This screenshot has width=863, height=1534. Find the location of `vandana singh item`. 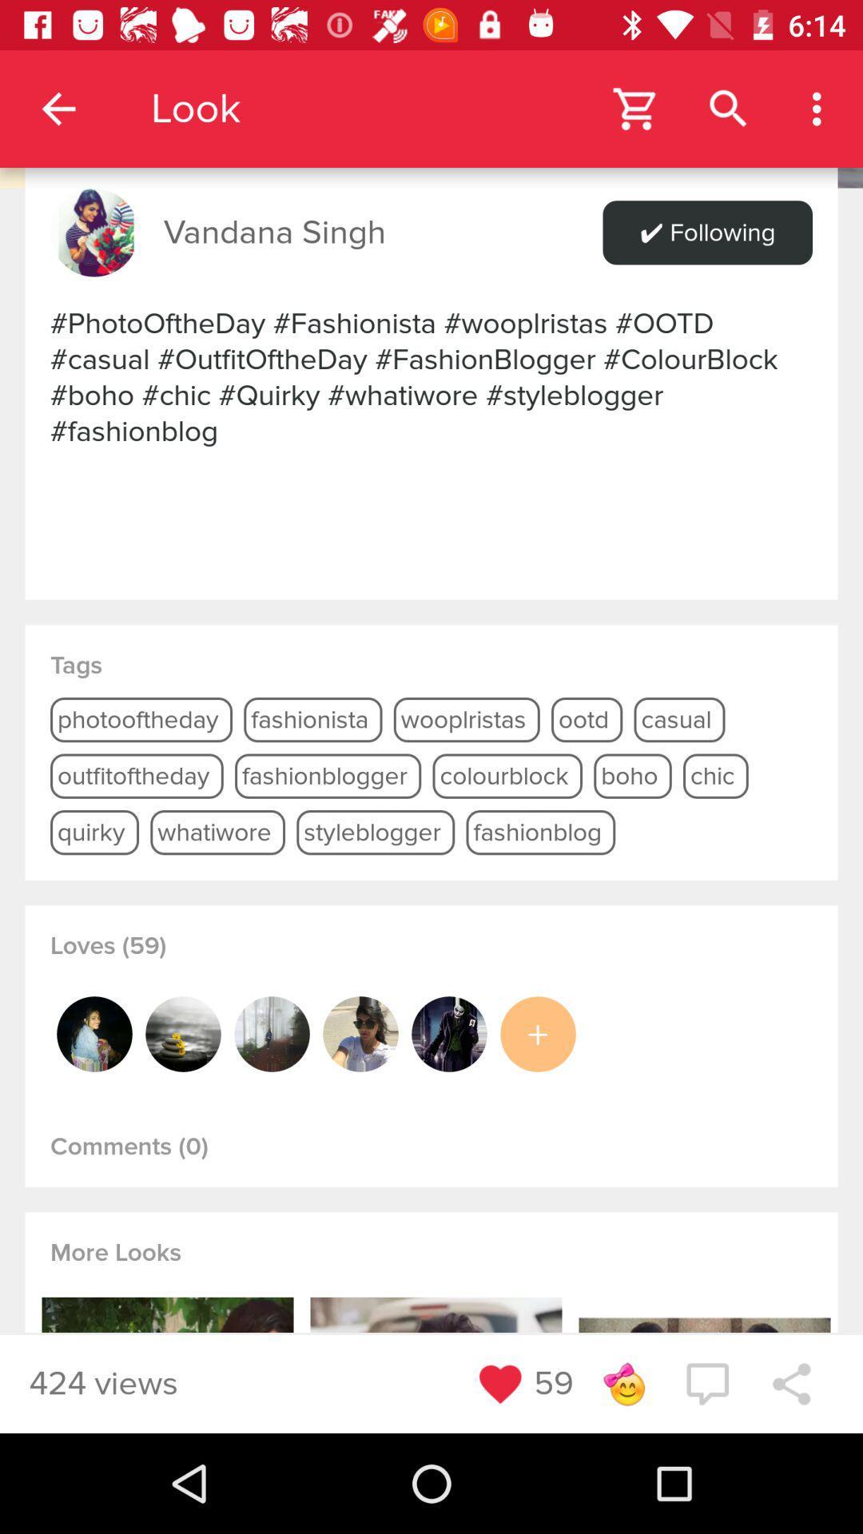

vandana singh item is located at coordinates (273, 232).